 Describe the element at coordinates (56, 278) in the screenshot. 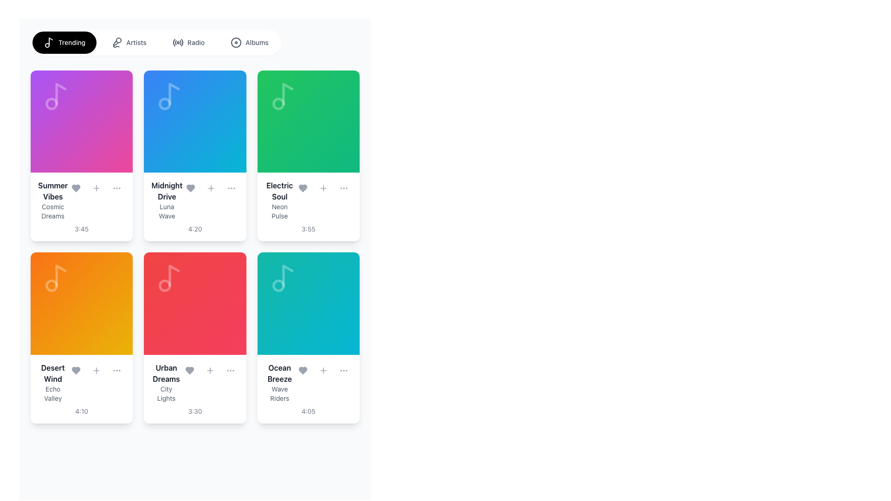

I see `the music note icon located in the top-left area of the 'Desert Wind' track card, which is designed with thin lines and a semi-transparent white effect against a gradient orange background` at that location.